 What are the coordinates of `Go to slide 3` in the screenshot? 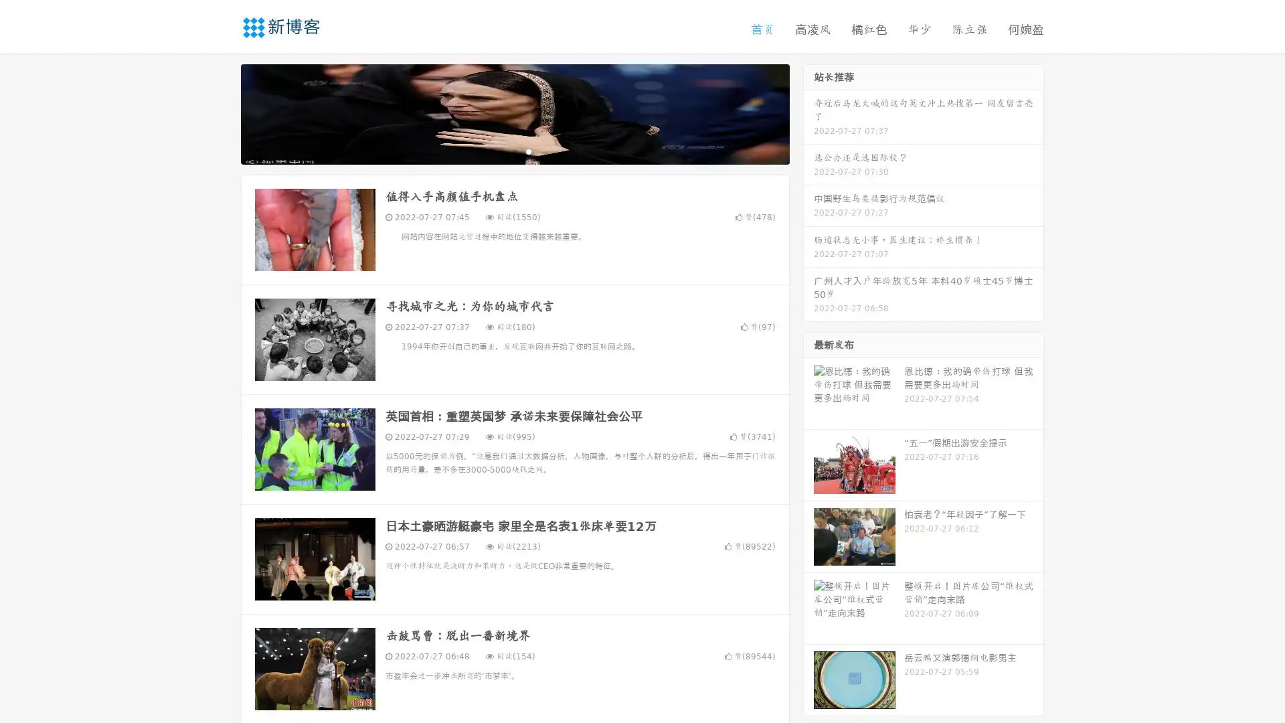 It's located at (528, 151).